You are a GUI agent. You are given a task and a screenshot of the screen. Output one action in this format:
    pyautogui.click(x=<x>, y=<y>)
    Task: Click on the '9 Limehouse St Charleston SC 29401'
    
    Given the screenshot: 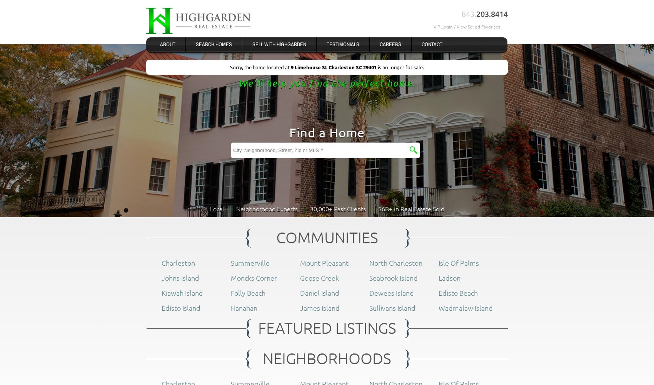 What is the action you would take?
    pyautogui.click(x=334, y=67)
    